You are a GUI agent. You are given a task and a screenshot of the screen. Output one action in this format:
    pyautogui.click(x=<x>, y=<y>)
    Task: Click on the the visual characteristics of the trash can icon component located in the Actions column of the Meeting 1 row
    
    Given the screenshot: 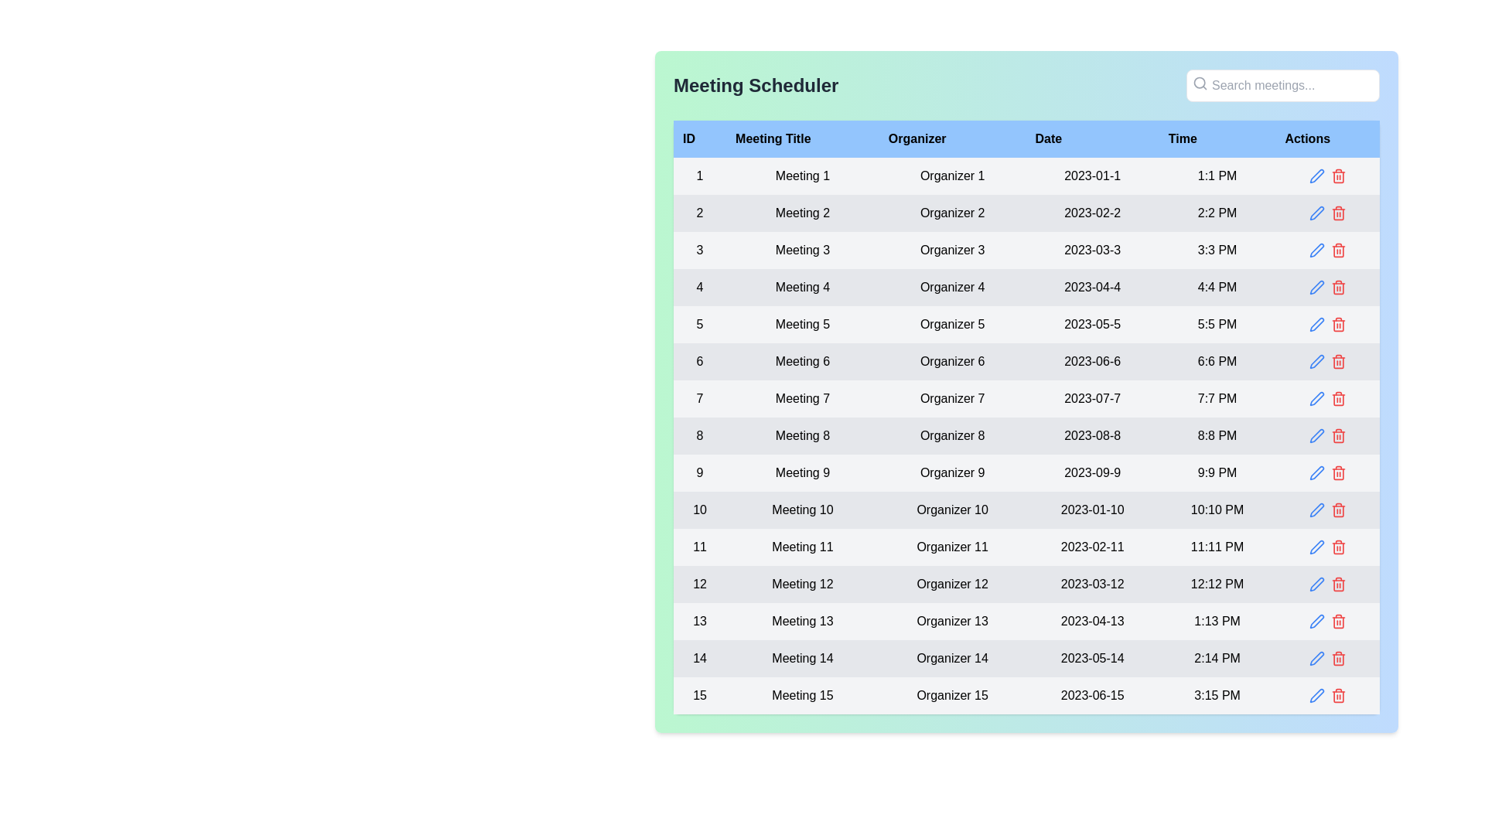 What is the action you would take?
    pyautogui.click(x=1337, y=176)
    